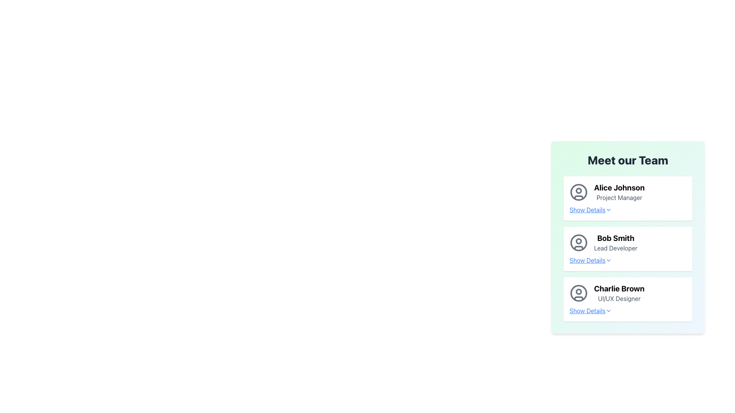 Image resolution: width=735 pixels, height=413 pixels. What do you see at coordinates (608, 210) in the screenshot?
I see `the icon located to the right of the 'Show Details' text in the card for Alice Johnson, Project Manager` at bounding box center [608, 210].